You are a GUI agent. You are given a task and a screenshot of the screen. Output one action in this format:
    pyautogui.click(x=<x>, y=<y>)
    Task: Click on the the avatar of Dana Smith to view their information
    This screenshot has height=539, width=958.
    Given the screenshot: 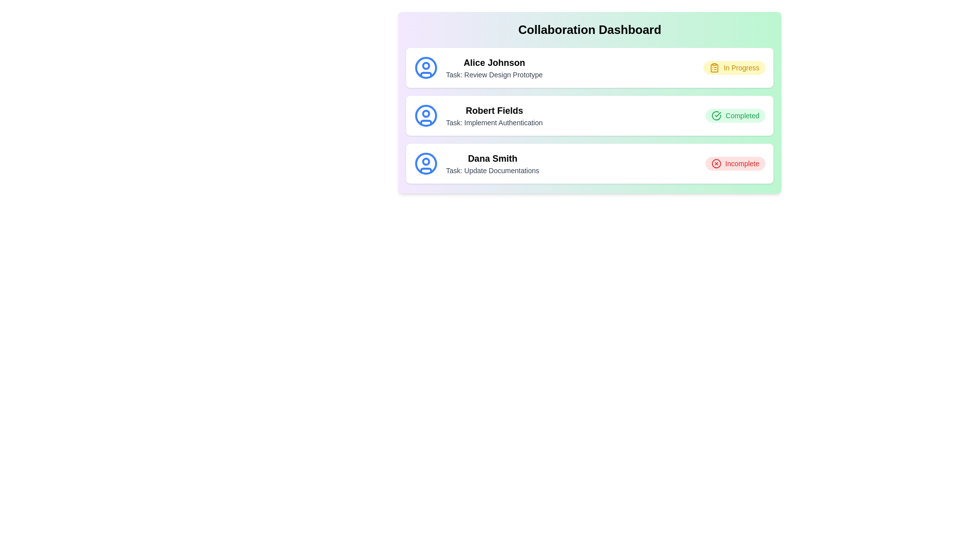 What is the action you would take?
    pyautogui.click(x=426, y=163)
    